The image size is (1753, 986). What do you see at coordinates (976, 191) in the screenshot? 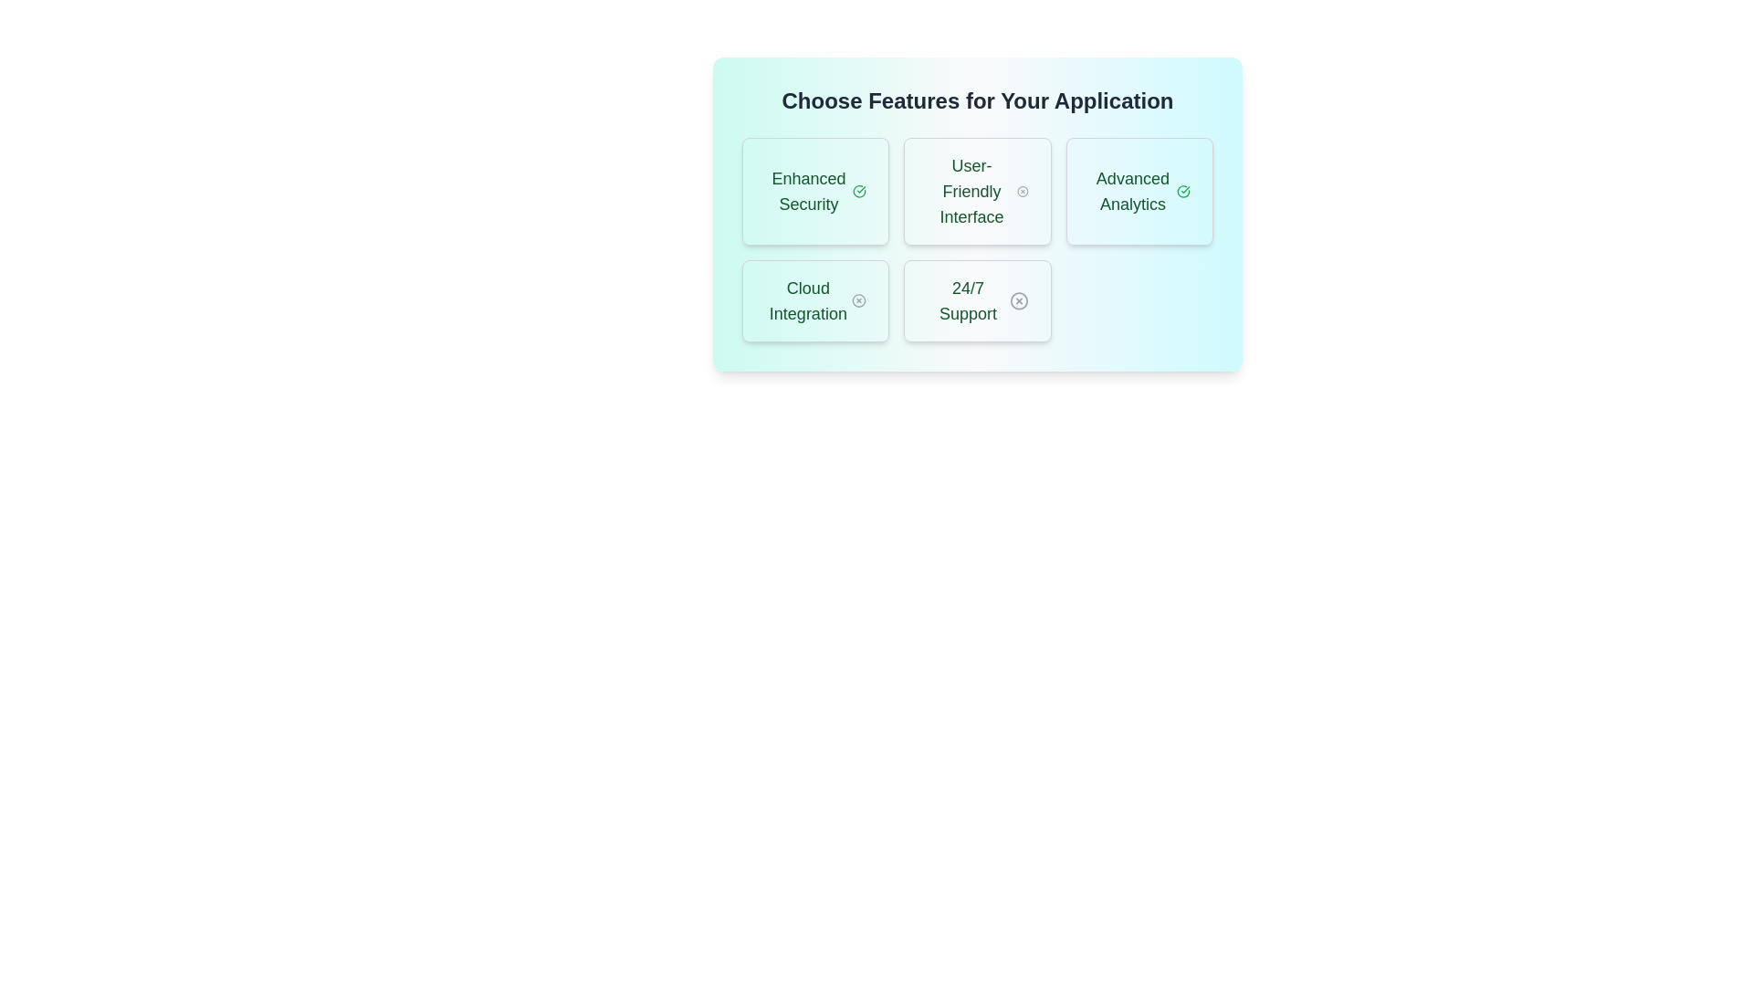
I see `the feature User-Friendly Interface to trigger additional visual feedback` at bounding box center [976, 191].